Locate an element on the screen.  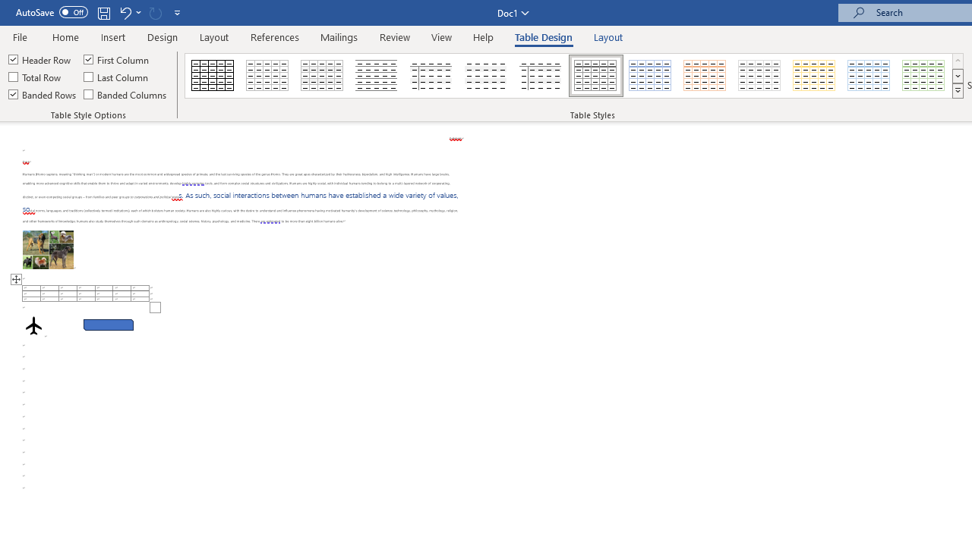
'Airplane with solid fill' is located at coordinates (33, 325).